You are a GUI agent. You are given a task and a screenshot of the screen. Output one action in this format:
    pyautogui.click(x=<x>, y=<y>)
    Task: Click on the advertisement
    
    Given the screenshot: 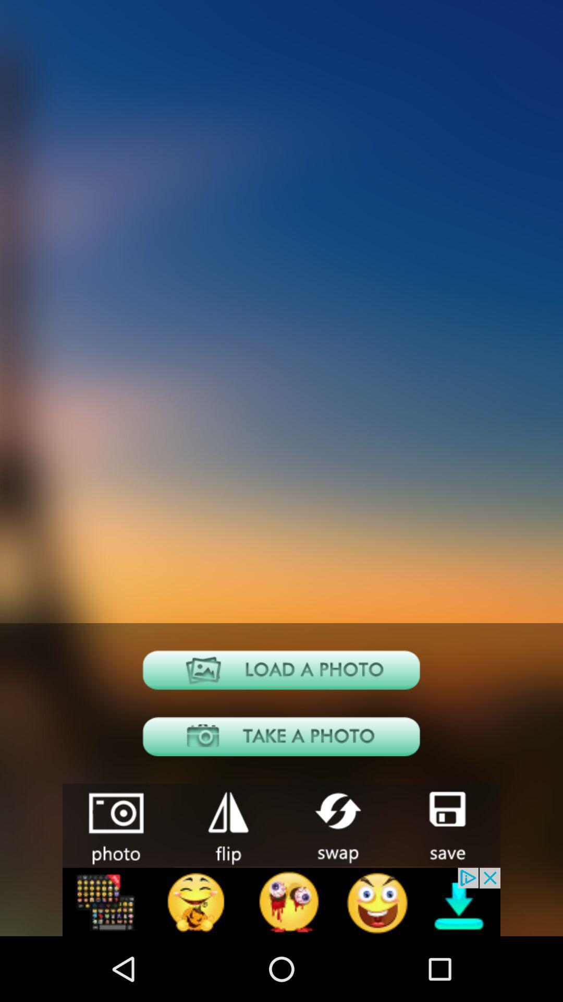 What is the action you would take?
    pyautogui.click(x=281, y=901)
    